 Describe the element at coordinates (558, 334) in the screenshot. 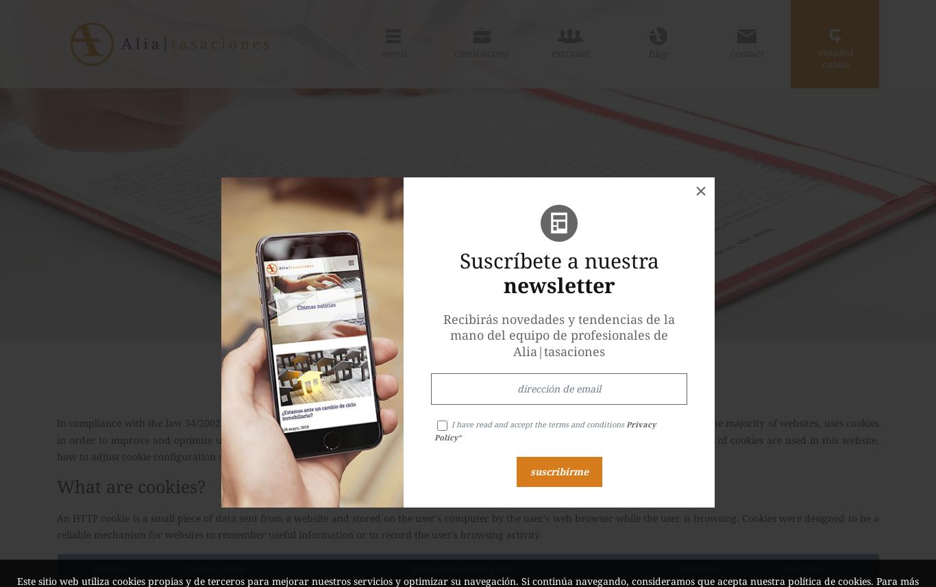

I see `'Recibirás novedades y tendencias de la mano del equipo de profesionales de Alia|tasaciones'` at that location.